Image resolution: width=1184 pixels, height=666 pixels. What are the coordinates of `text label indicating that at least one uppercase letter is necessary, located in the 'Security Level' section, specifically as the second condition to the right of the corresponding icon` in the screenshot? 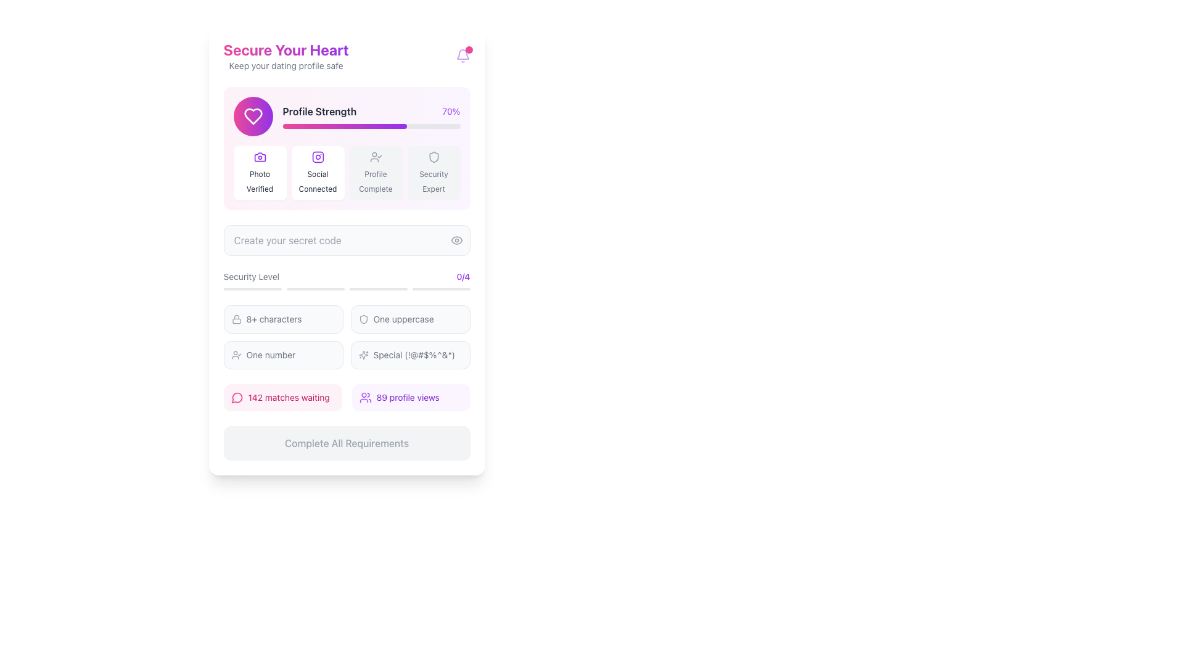 It's located at (403, 318).